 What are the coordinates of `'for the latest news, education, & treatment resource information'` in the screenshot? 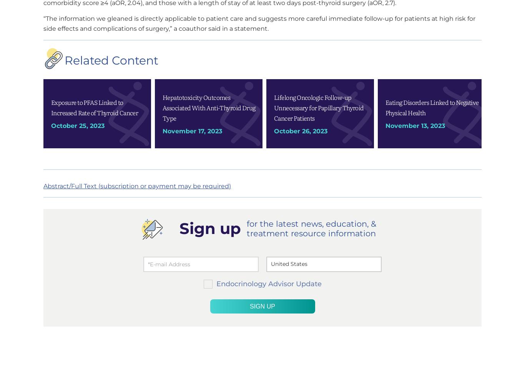 It's located at (311, 228).